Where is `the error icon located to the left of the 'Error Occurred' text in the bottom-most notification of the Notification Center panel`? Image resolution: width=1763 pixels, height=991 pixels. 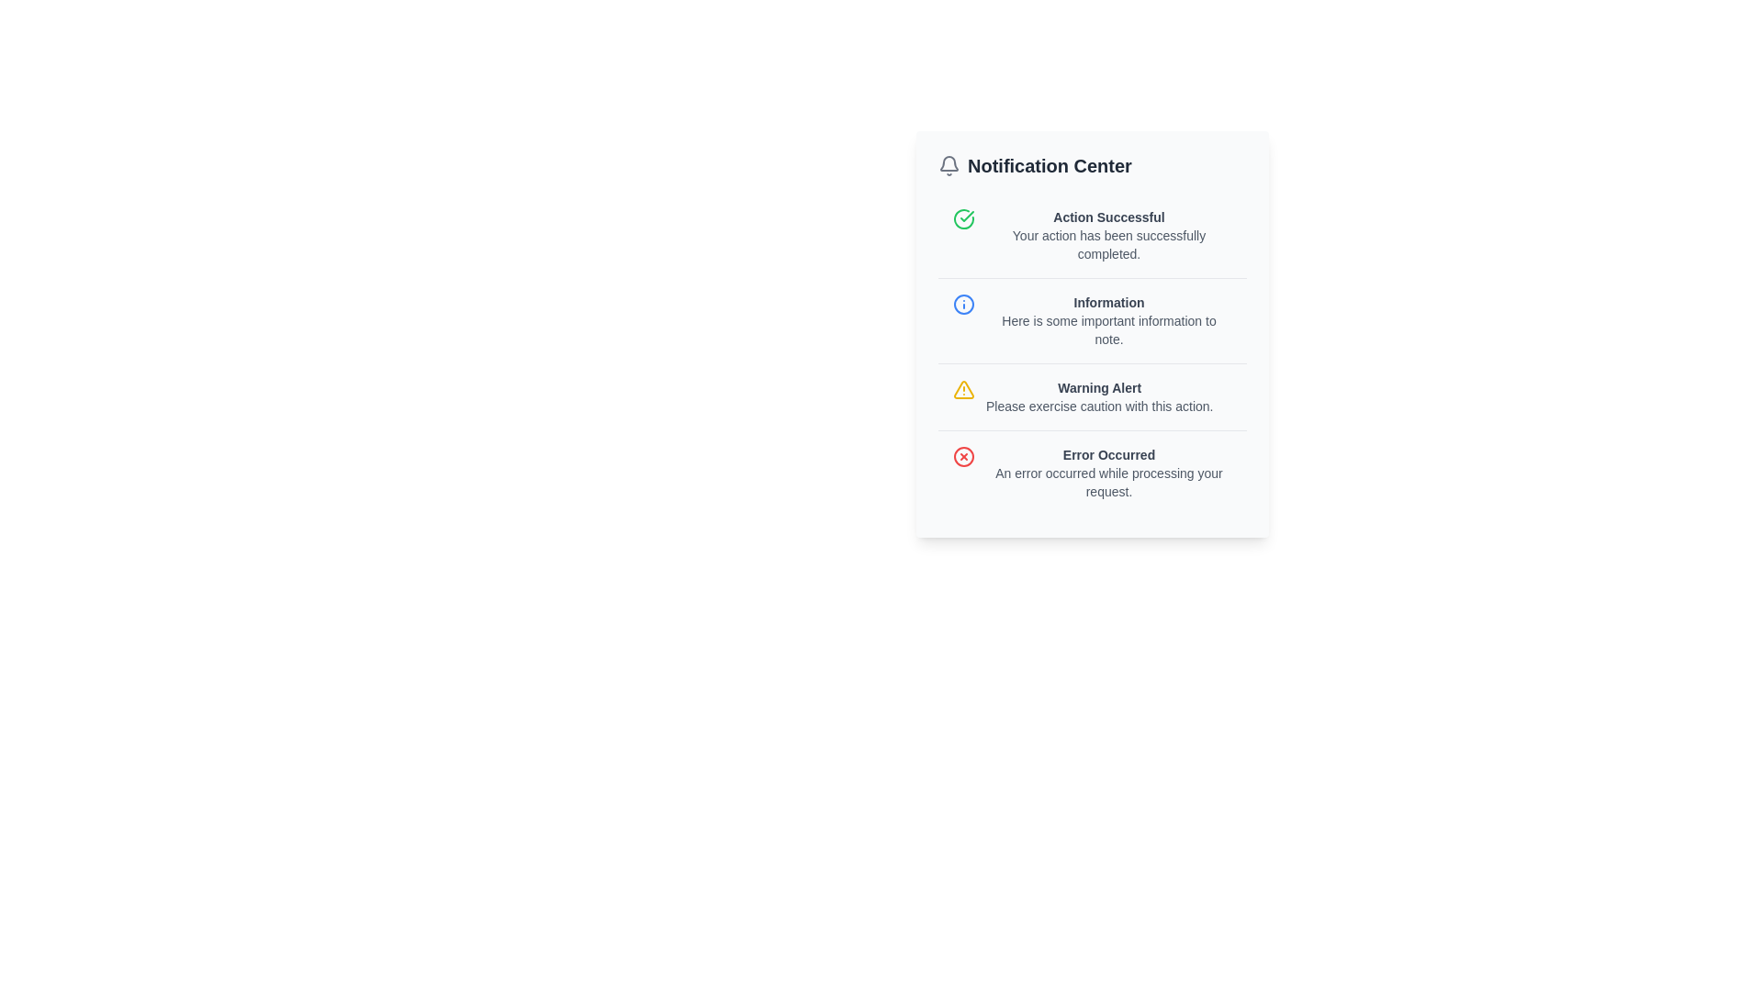 the error icon located to the left of the 'Error Occurred' text in the bottom-most notification of the Notification Center panel is located at coordinates (963, 455).